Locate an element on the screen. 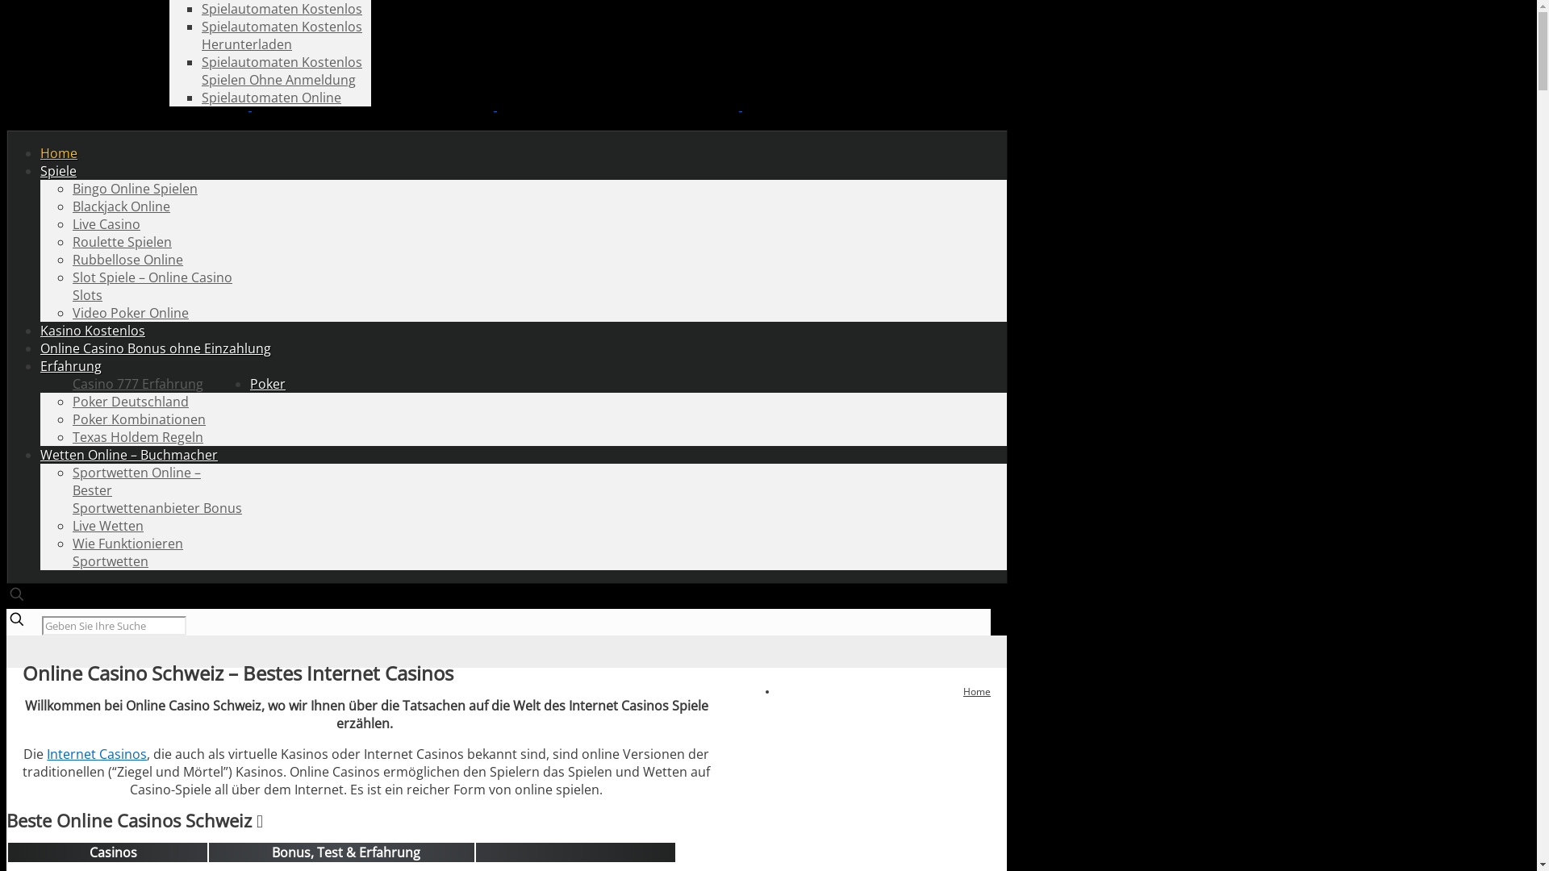  'Bingo Online Spielen' is located at coordinates (72, 188).